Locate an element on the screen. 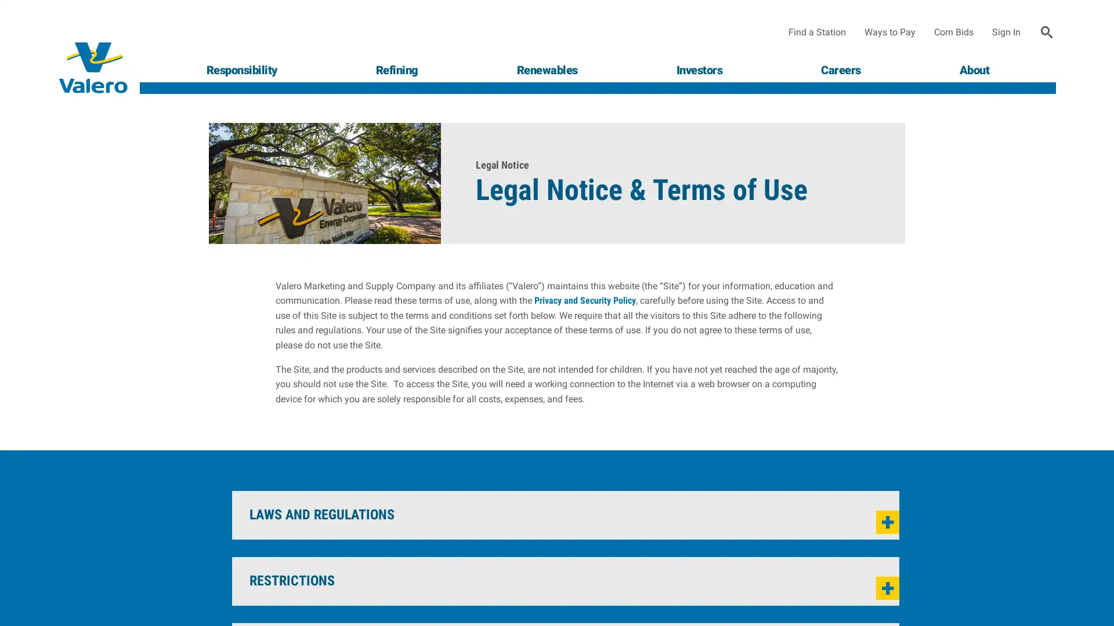  Apply is located at coordinates (1047, 32).